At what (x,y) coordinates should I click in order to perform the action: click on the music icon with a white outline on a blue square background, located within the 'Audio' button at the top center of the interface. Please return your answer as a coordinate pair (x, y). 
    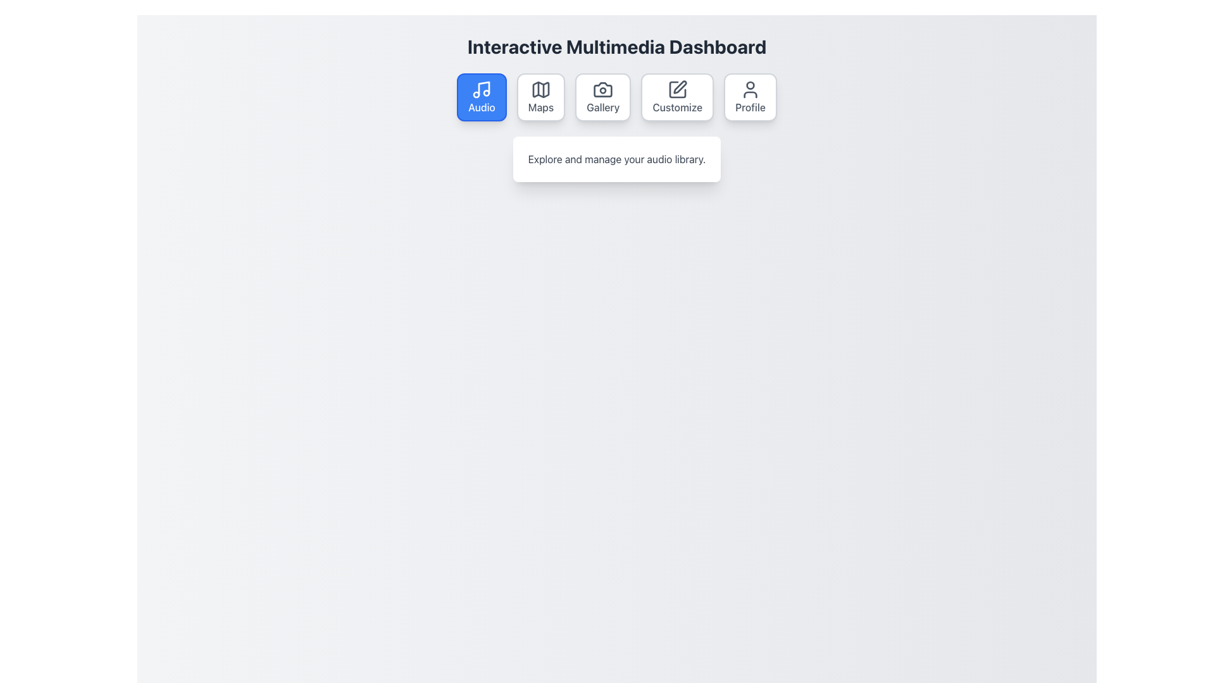
    Looking at the image, I should click on (481, 89).